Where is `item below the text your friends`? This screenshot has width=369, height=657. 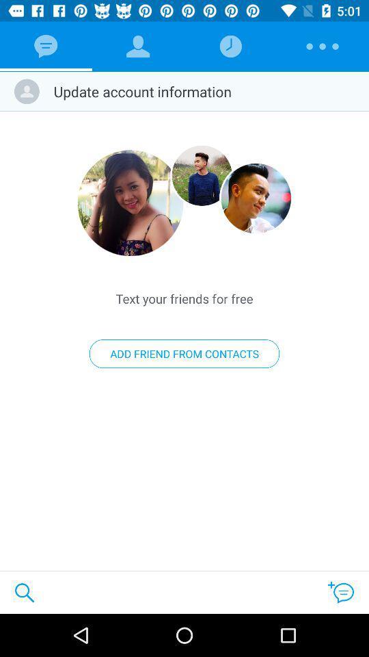 item below the text your friends is located at coordinates (184, 353).